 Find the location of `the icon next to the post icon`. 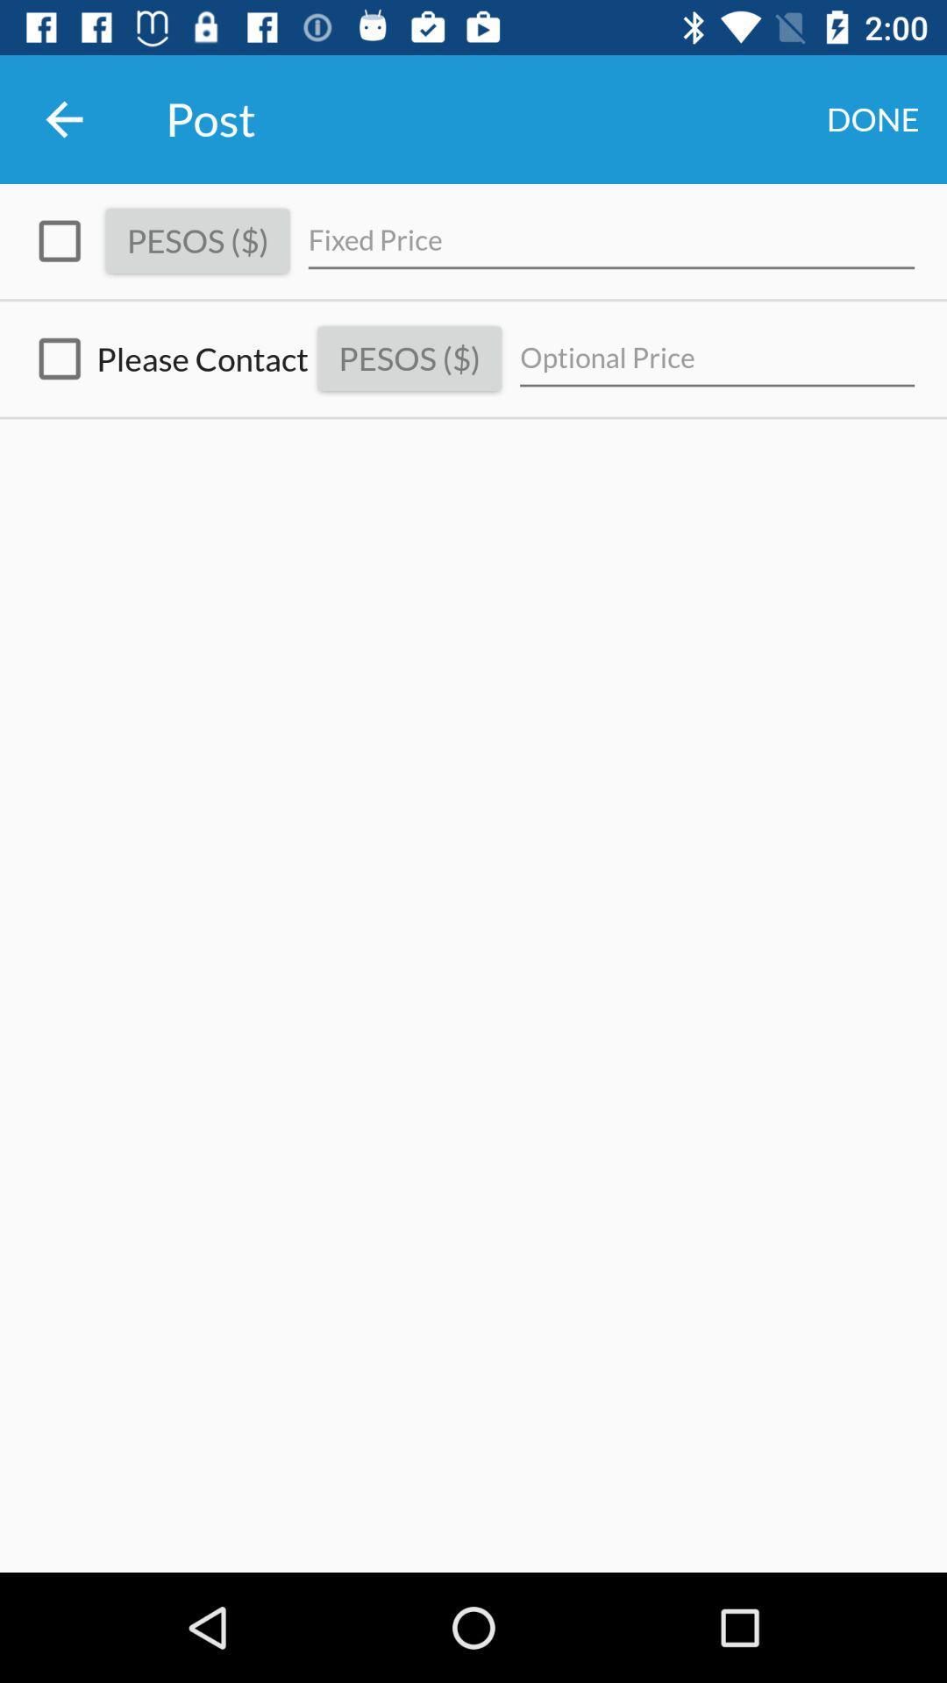

the icon next to the post icon is located at coordinates (63, 118).